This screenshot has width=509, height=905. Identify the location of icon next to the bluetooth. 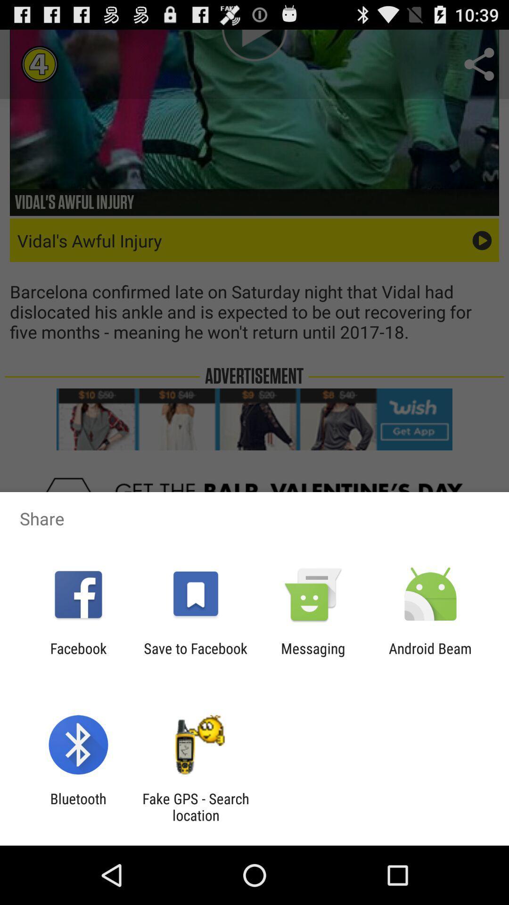
(195, 806).